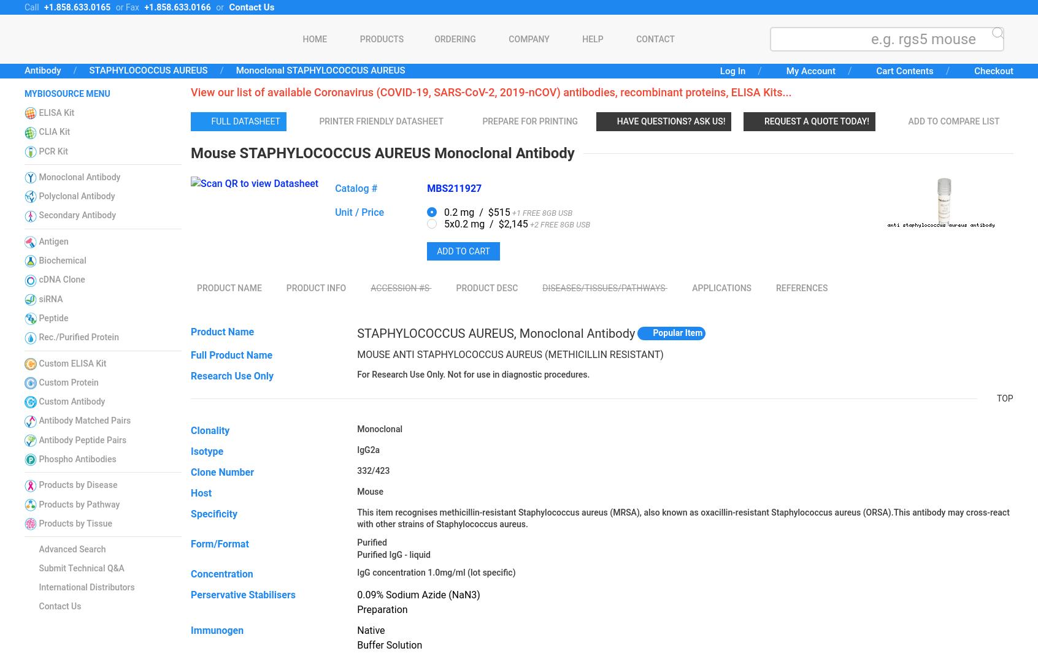 The image size is (1038, 659). What do you see at coordinates (683, 517) in the screenshot?
I see `'This item recognises methicillin-resistant Staphylococcus aureus (MRSA), also known as oxacillin-resistant Staphylococcus aureus (ORSA).This antibody may cross-react with other strains of Staphylococcus aureus.'` at bounding box center [683, 517].